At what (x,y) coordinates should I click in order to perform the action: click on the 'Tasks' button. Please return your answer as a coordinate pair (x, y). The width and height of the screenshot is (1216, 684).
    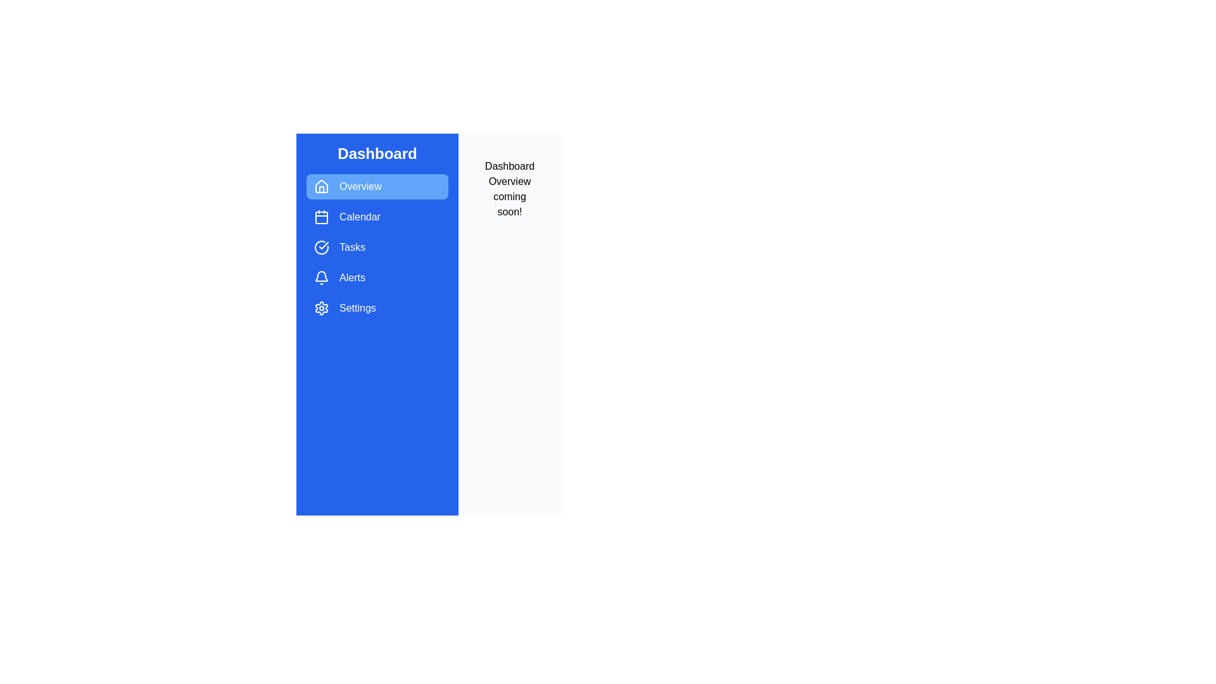
    Looking at the image, I should click on (376, 247).